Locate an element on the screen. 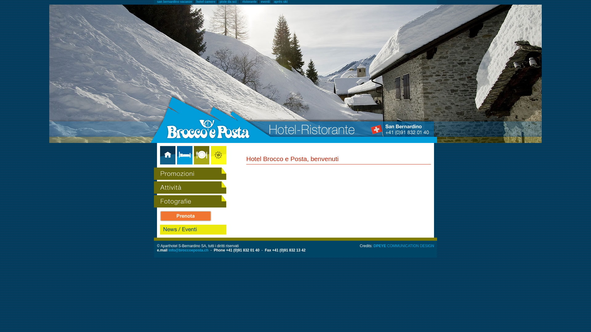 This screenshot has height=332, width=591. 'promozioni Brocco' is located at coordinates (188, 173).